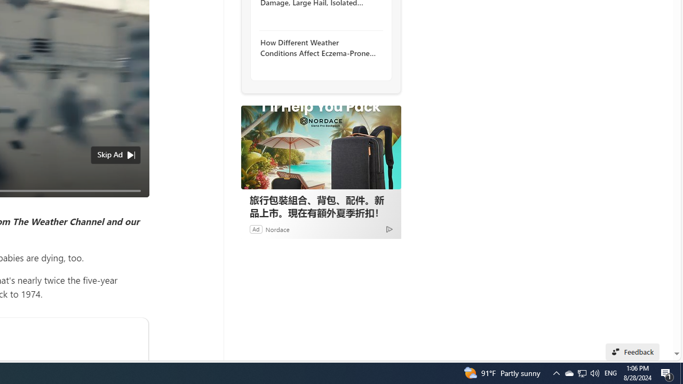 Image resolution: width=683 pixels, height=384 pixels. I want to click on 'How Different Weather Conditions Affect Eczema-Prone Skin', so click(317, 47).